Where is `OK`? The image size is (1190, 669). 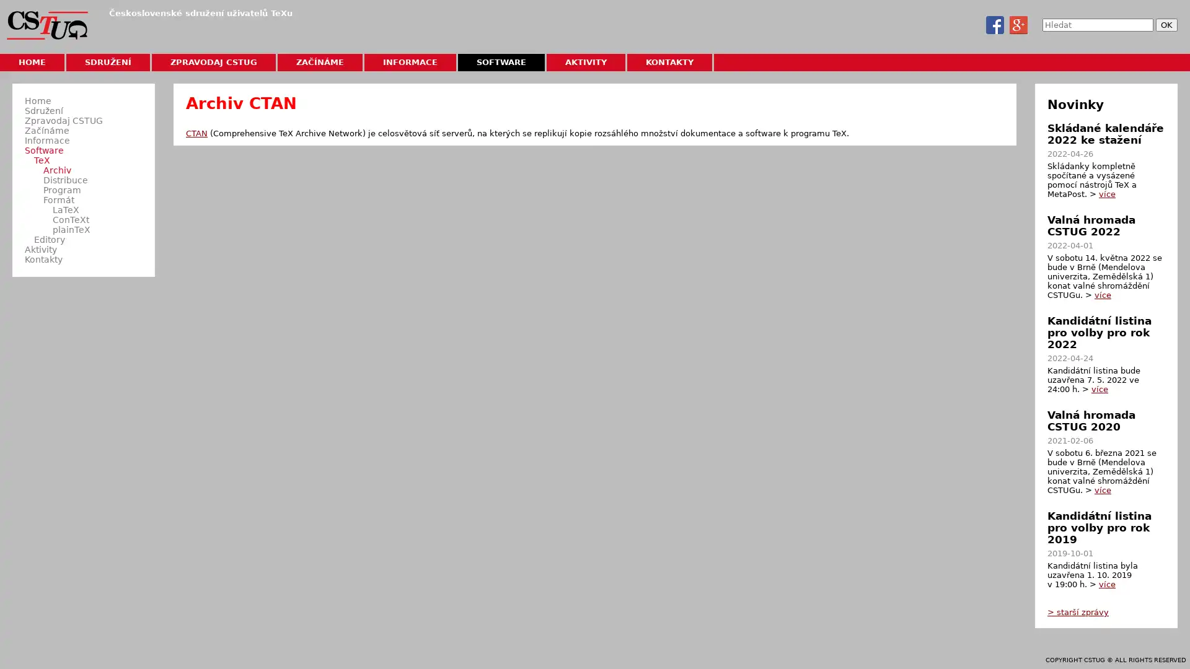
OK is located at coordinates (1166, 25).